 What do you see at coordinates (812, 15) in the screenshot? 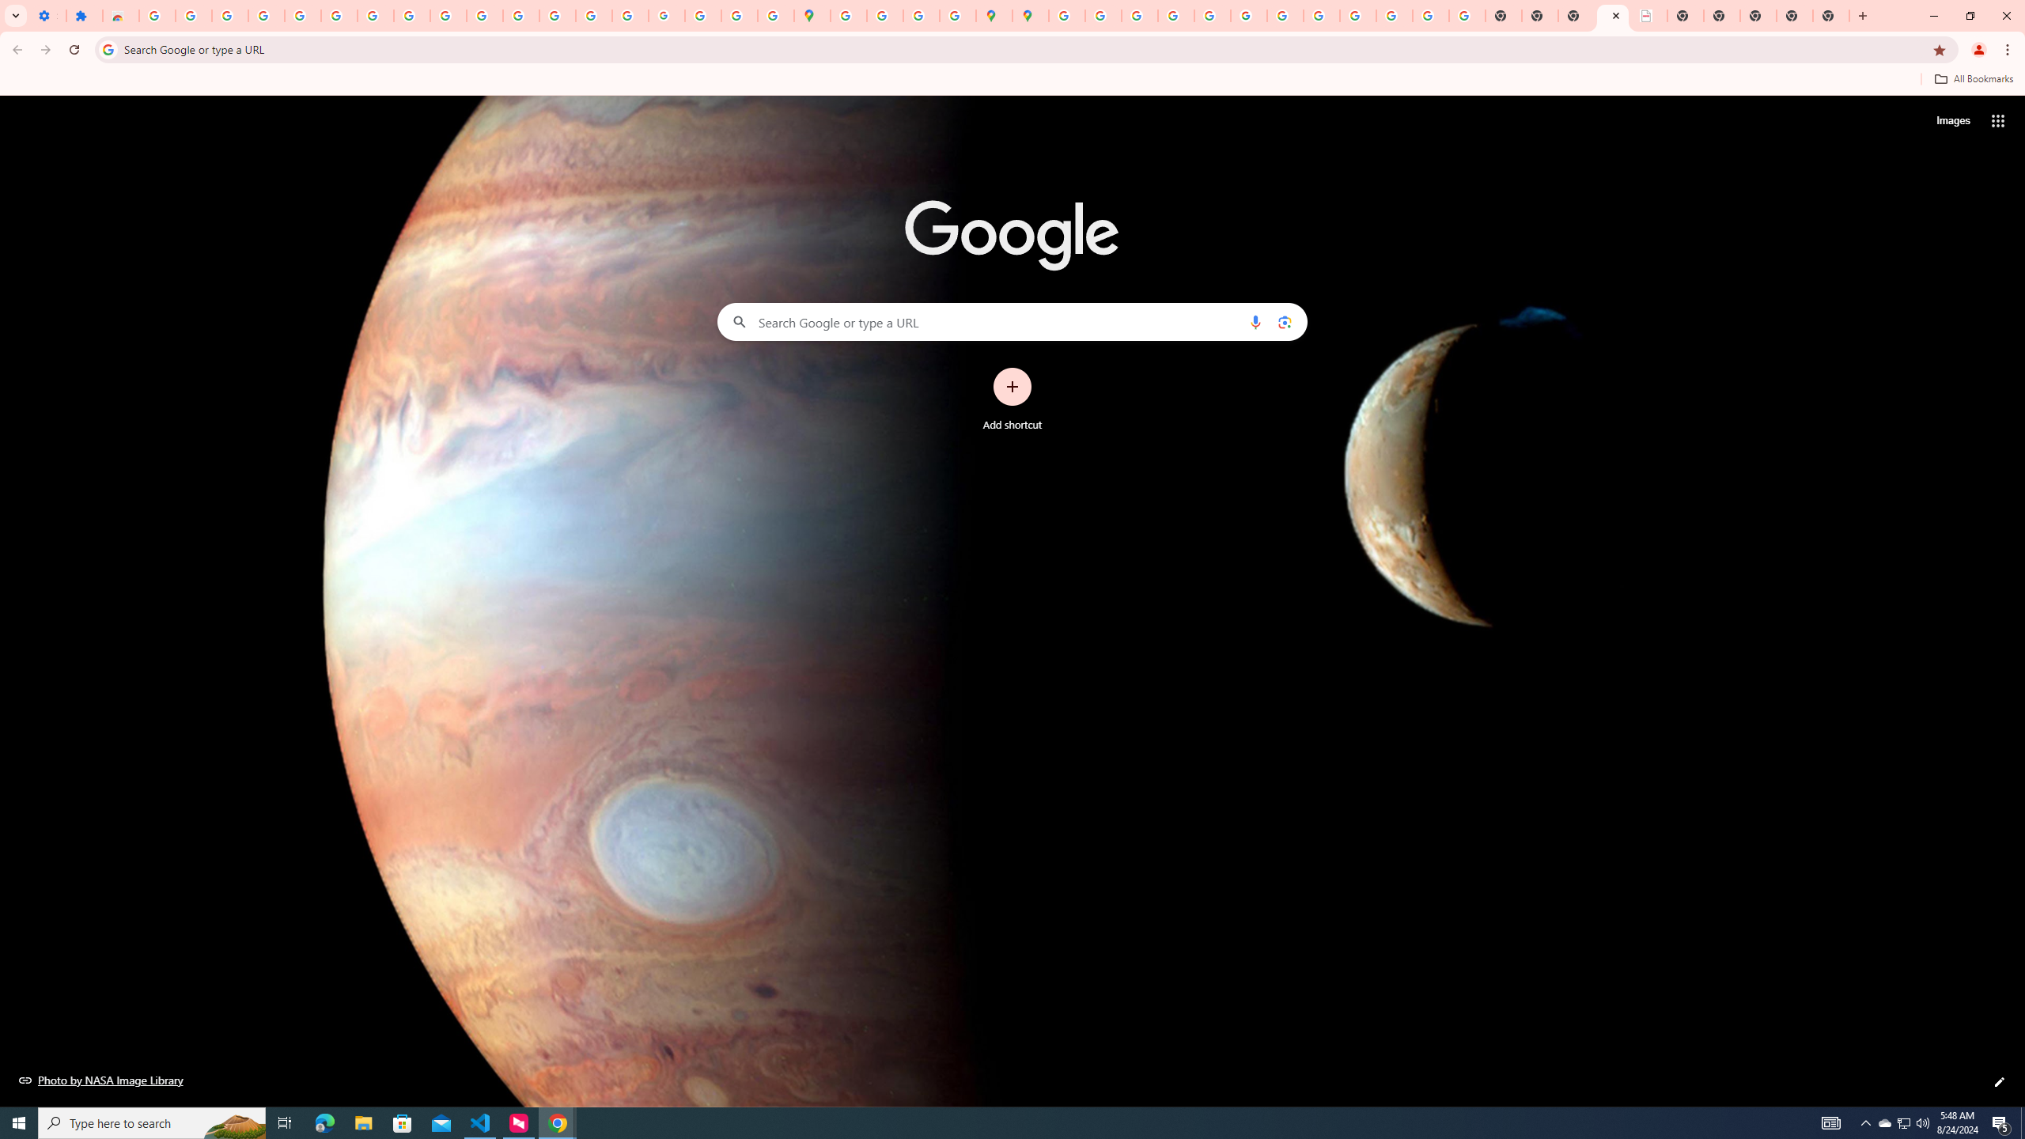
I see `'Google Maps'` at bounding box center [812, 15].